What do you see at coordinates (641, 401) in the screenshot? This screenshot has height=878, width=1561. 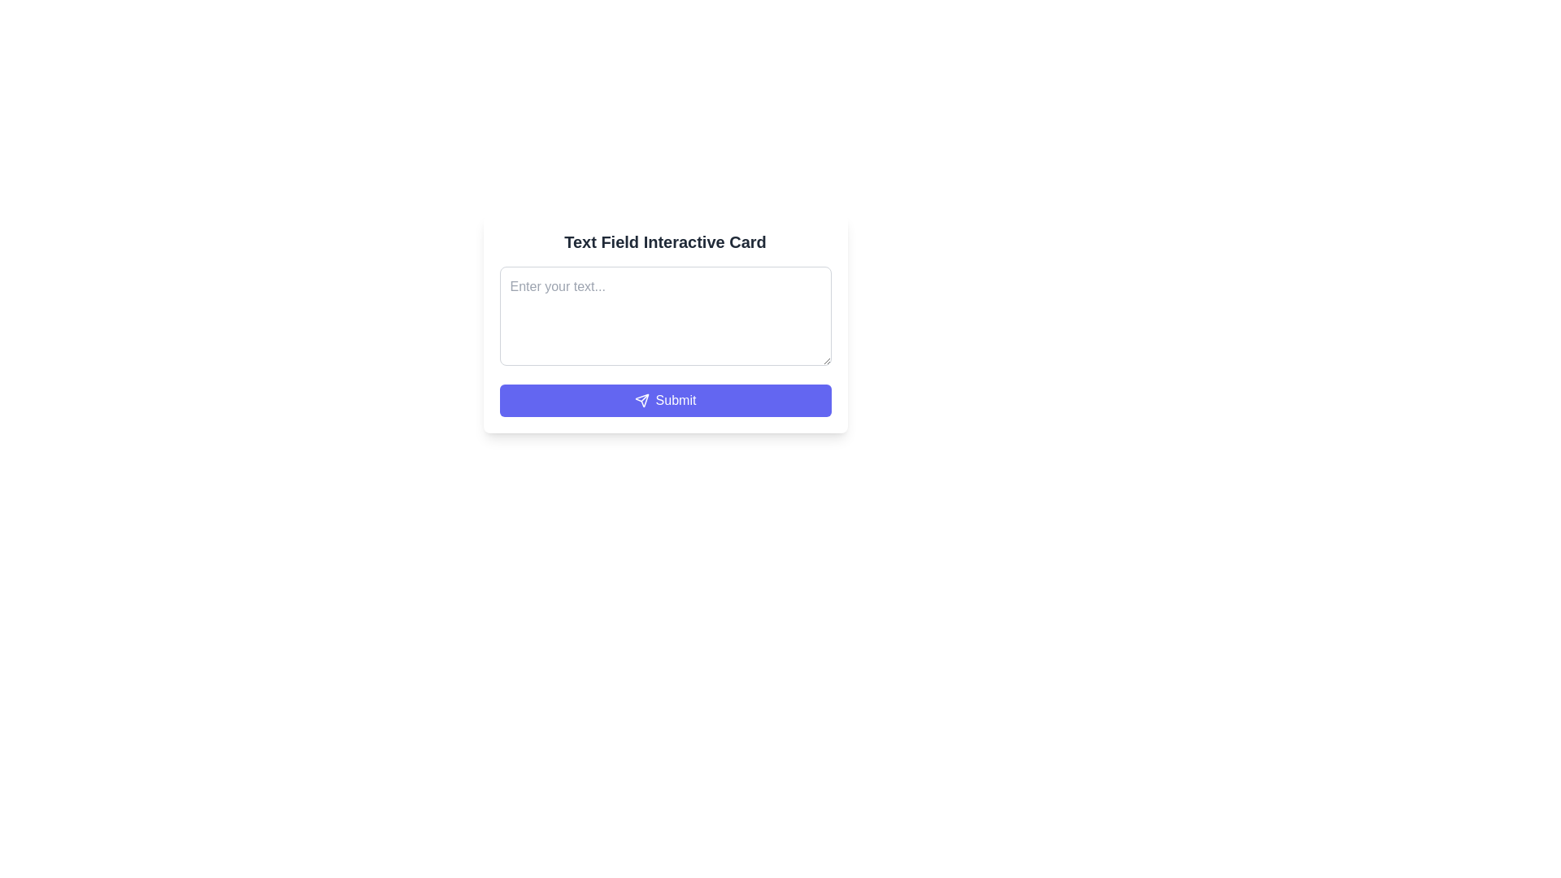 I see `the leftmost icon within the 'Submit' button` at bounding box center [641, 401].